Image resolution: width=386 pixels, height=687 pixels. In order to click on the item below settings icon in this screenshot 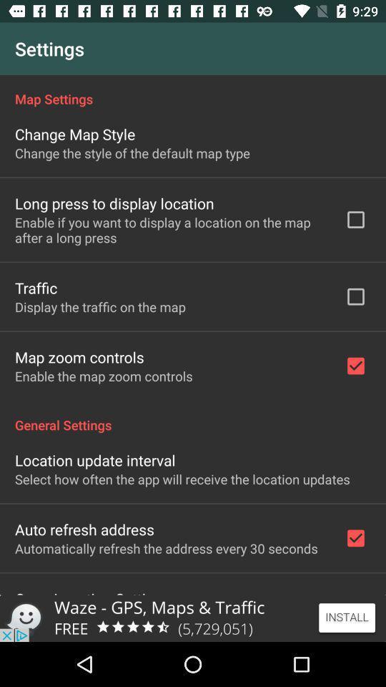, I will do `click(193, 90)`.